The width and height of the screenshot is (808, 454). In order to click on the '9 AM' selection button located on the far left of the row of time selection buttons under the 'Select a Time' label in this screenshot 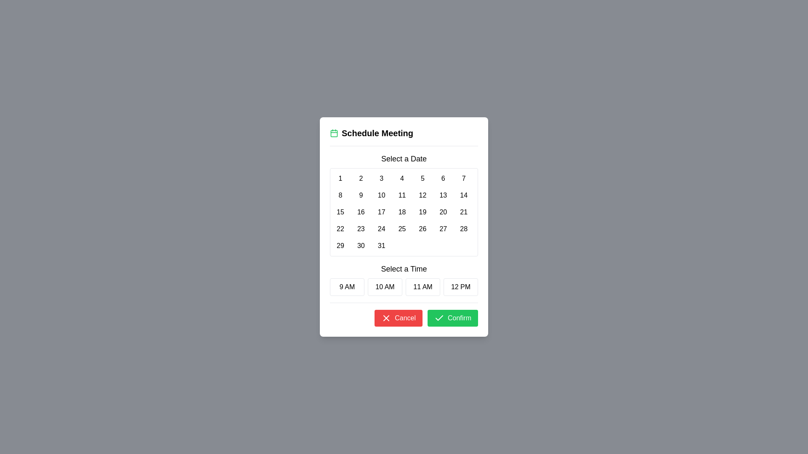, I will do `click(347, 286)`.